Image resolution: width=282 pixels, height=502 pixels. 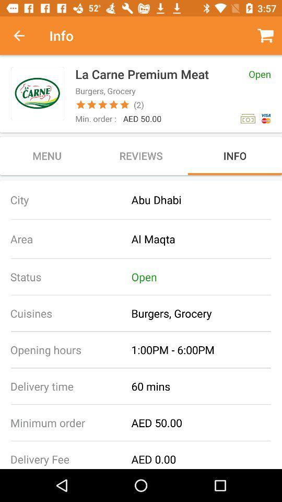 What do you see at coordinates (25, 36) in the screenshot?
I see `return to previous` at bounding box center [25, 36].